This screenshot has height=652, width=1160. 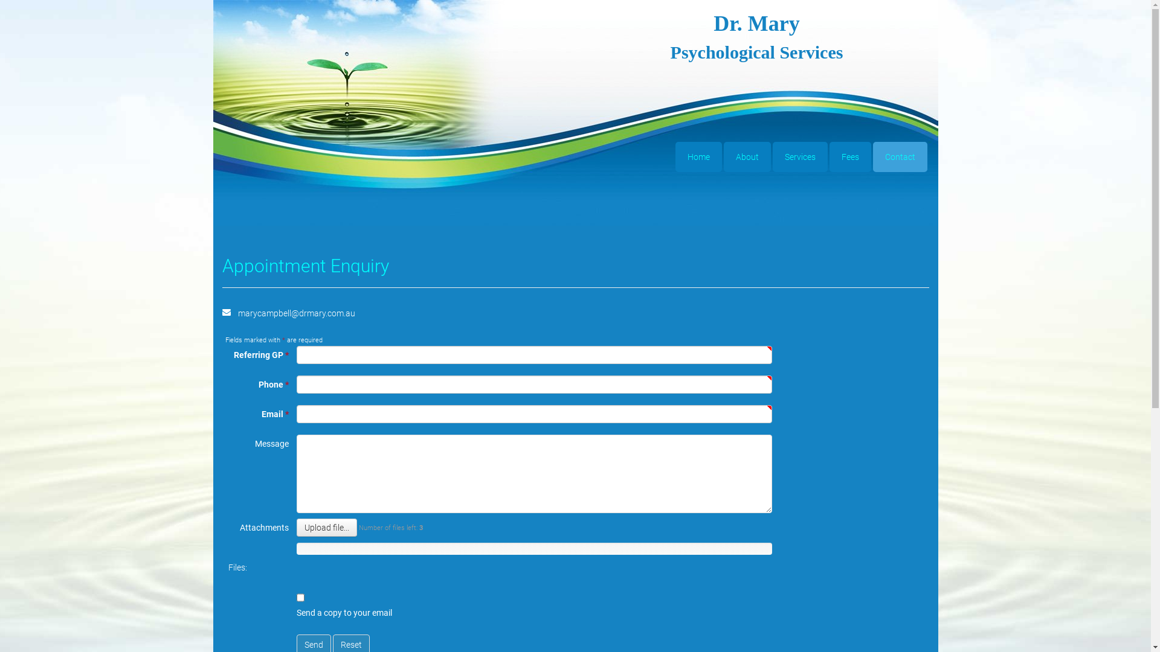 I want to click on 'Email', so click(x=227, y=311).